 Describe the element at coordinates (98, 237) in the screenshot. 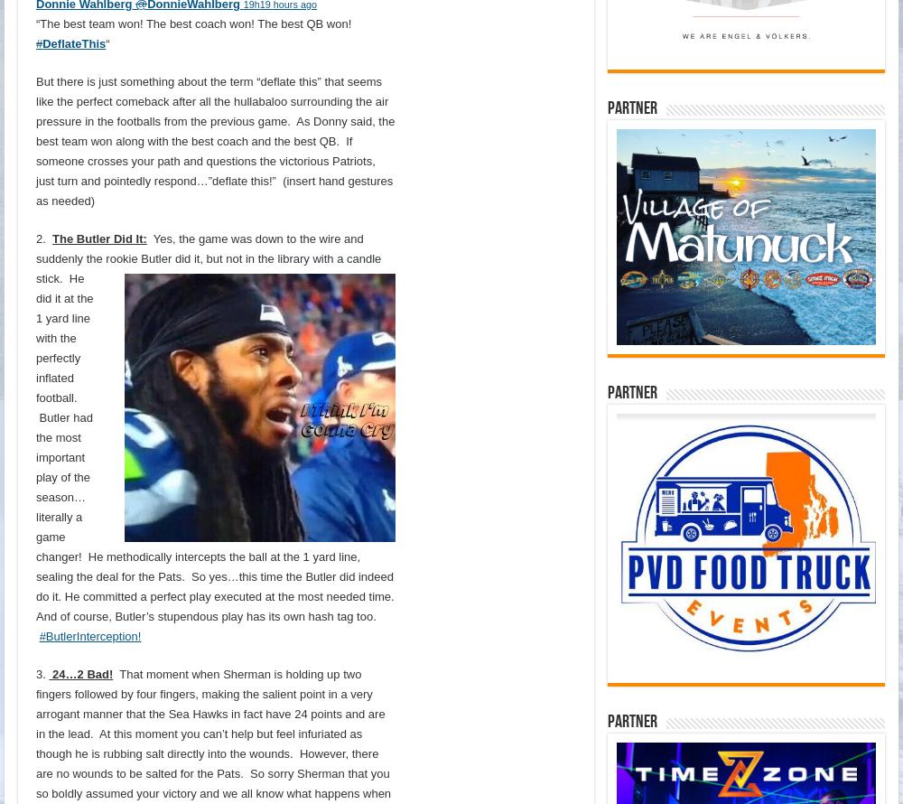

I see `'The Butler Did It:'` at that location.